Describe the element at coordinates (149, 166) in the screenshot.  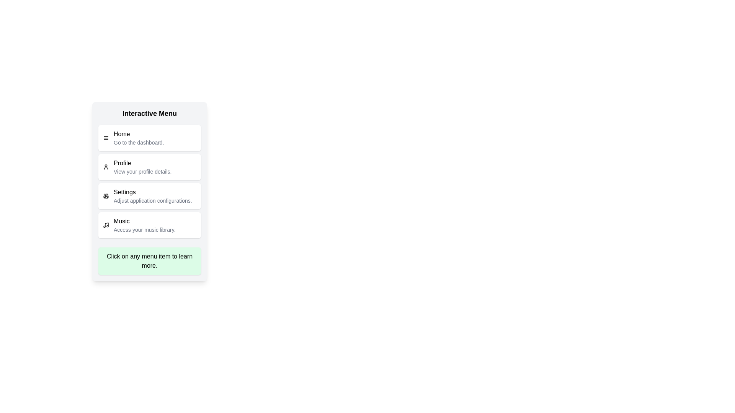
I see `the menu item labeled Profile to see its hover effect` at that location.